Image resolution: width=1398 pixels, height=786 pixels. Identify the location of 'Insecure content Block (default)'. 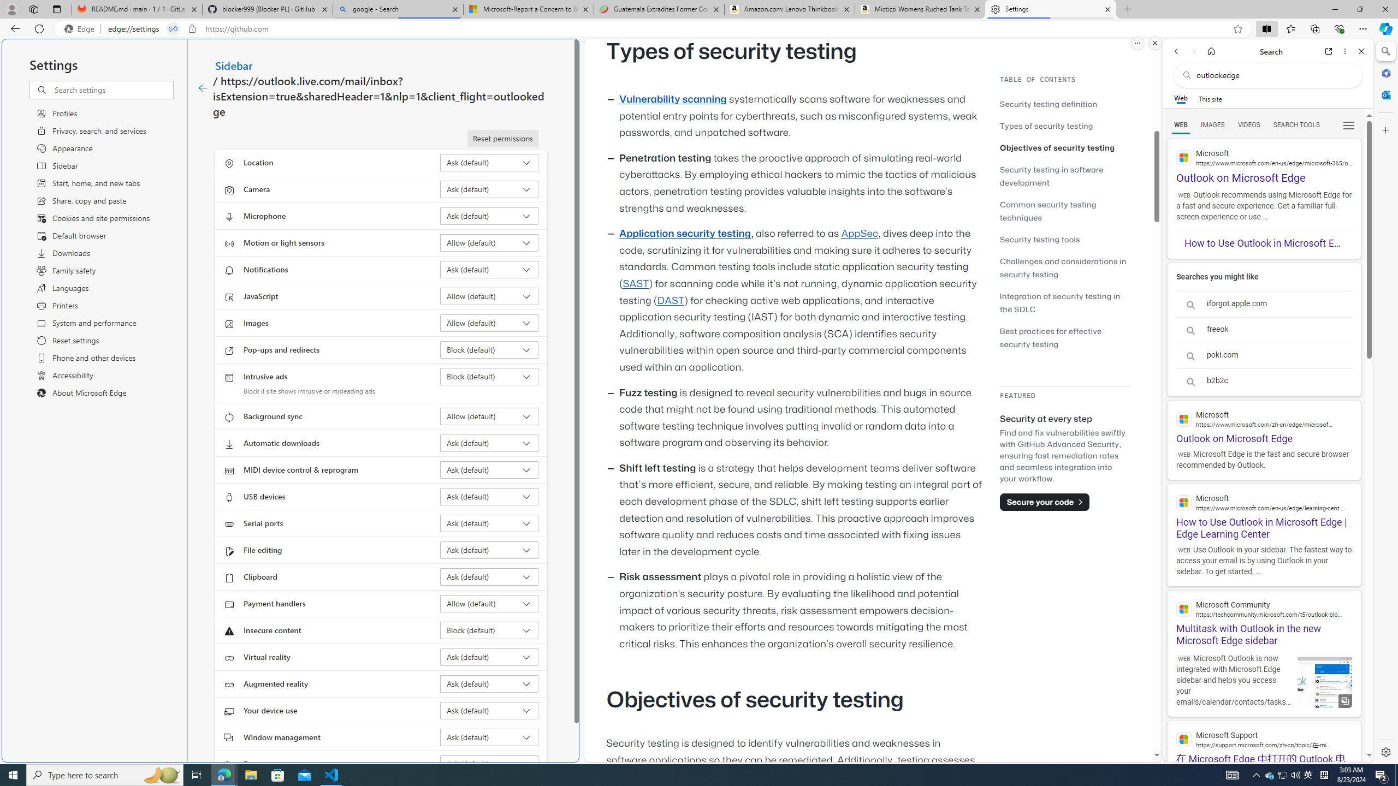
(489, 629).